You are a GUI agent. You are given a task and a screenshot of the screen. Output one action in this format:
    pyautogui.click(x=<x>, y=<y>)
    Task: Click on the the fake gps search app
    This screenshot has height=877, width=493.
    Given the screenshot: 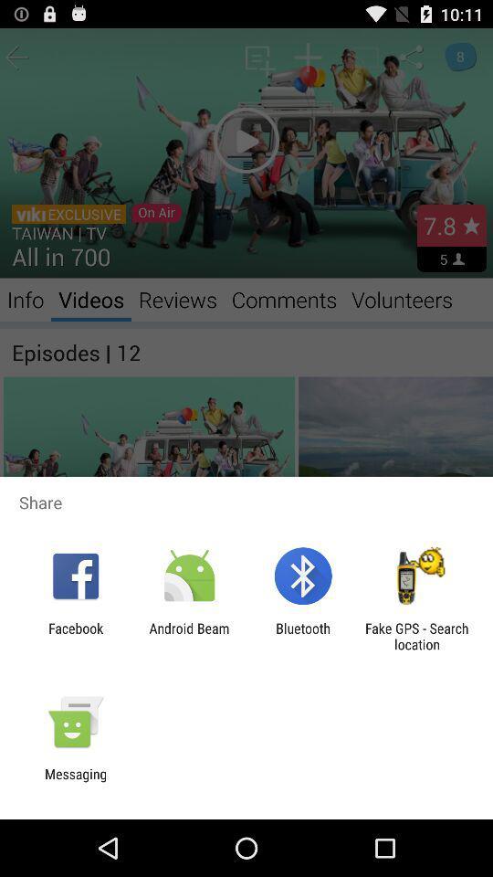 What is the action you would take?
    pyautogui.click(x=416, y=636)
    